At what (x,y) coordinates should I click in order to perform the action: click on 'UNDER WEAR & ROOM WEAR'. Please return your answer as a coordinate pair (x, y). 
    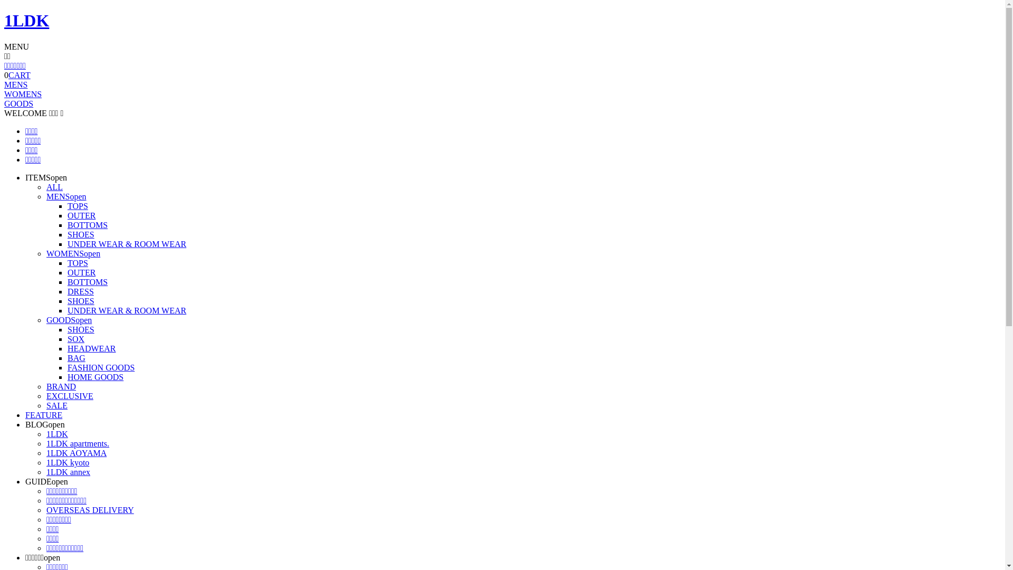
    Looking at the image, I should click on (127, 244).